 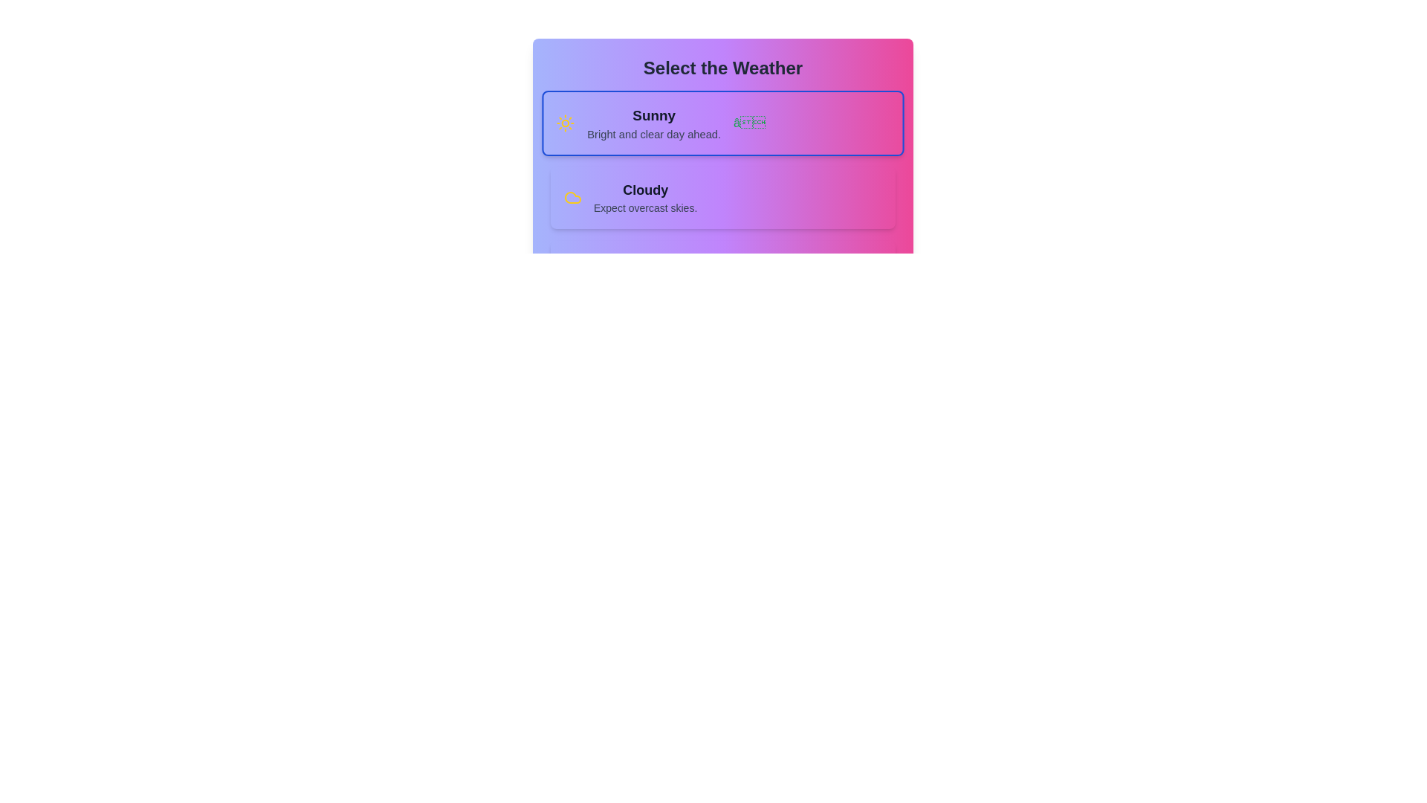 What do you see at coordinates (645, 189) in the screenshot?
I see `the text label indicating the cloudy weather option located within the weather selection card, positioned directly below the sunny weather description` at bounding box center [645, 189].